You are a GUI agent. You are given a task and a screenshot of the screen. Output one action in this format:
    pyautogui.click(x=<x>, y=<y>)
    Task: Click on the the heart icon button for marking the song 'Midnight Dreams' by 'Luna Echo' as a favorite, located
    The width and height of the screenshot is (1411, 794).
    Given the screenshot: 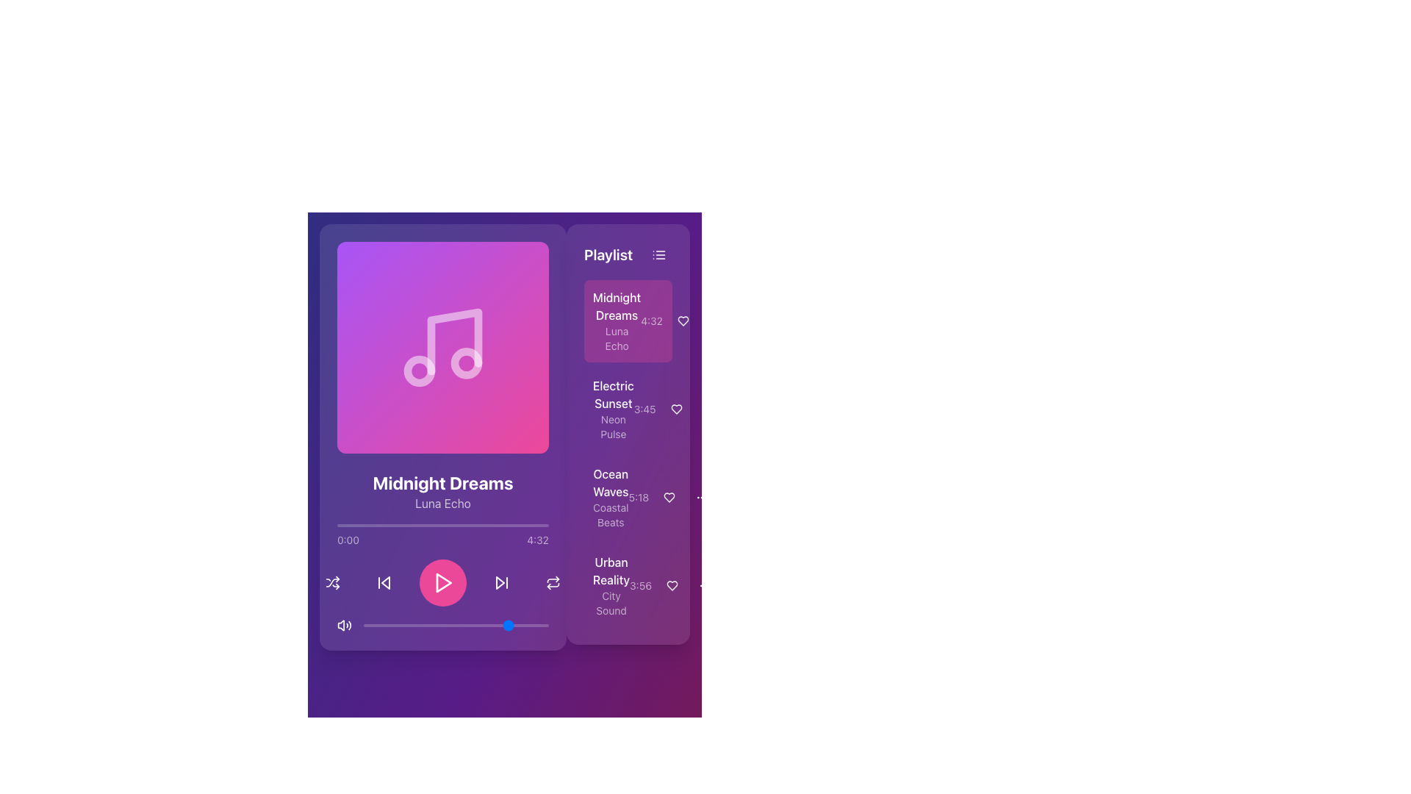 What is the action you would take?
    pyautogui.click(x=683, y=320)
    